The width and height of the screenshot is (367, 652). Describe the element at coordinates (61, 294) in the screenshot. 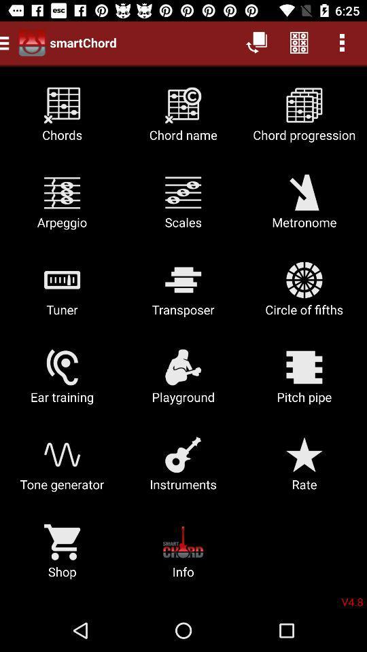

I see `the item above the ear training` at that location.